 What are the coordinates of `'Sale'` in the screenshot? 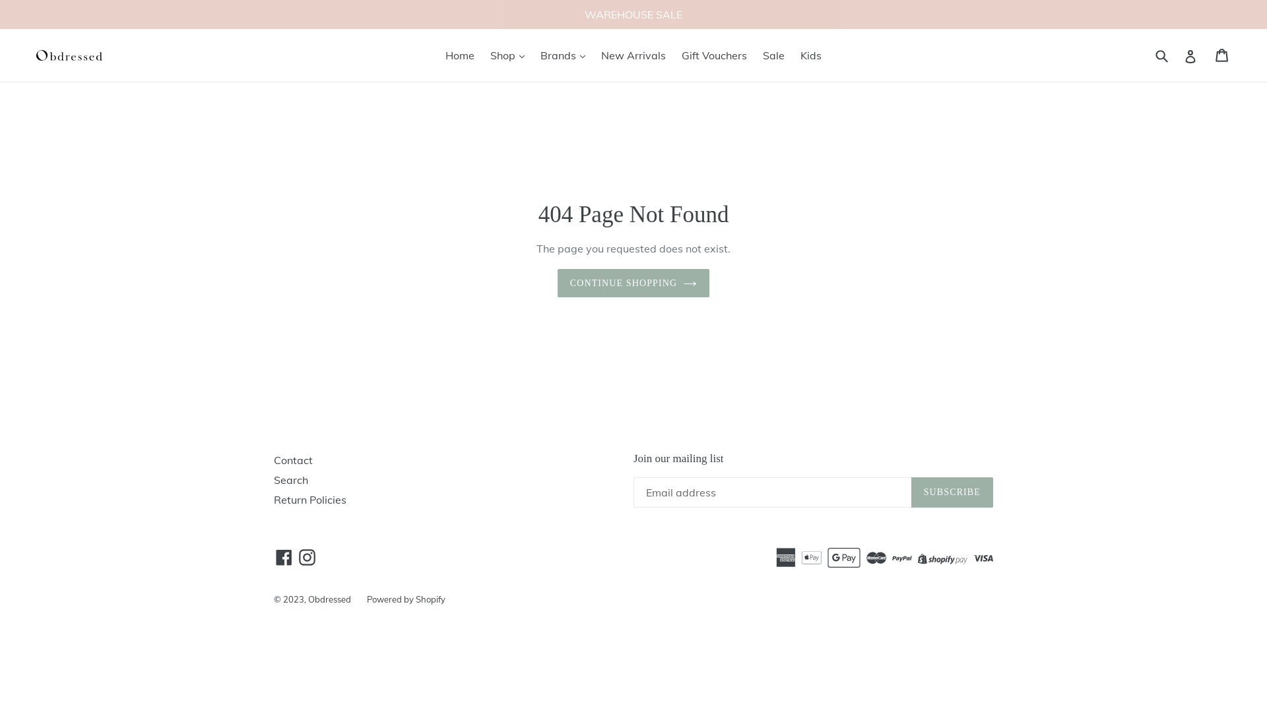 It's located at (773, 55).